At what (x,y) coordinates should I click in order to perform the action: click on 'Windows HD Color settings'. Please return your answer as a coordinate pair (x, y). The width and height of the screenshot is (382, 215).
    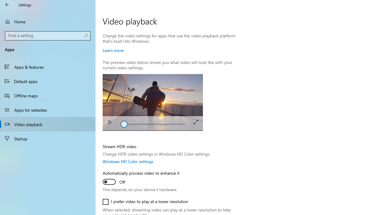
    Looking at the image, I should click on (128, 161).